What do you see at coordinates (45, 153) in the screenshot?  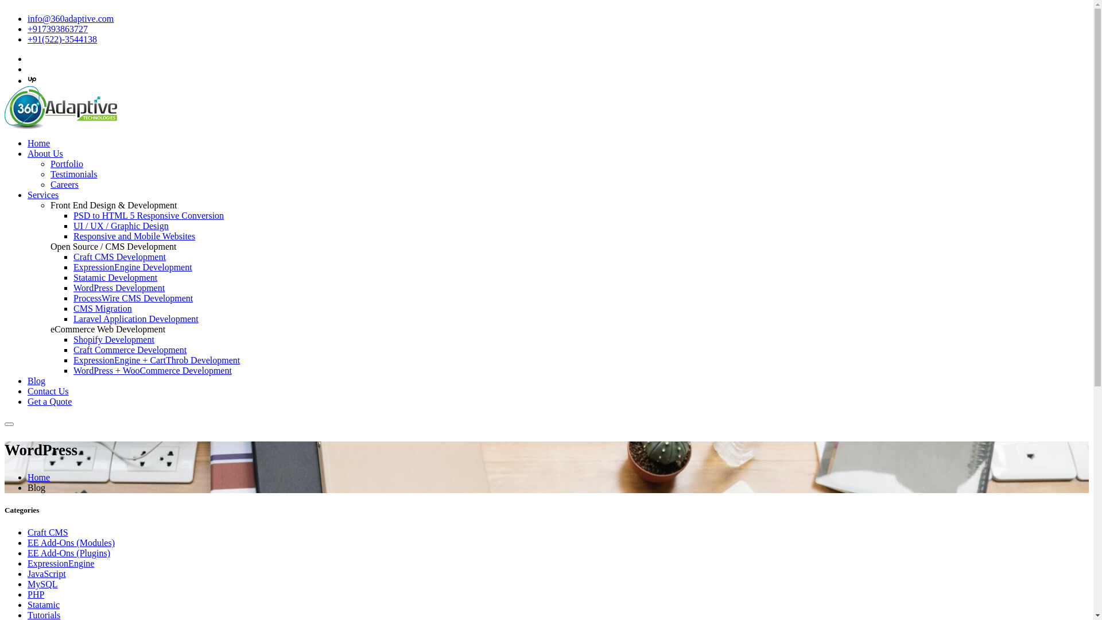 I see `'About Us'` at bounding box center [45, 153].